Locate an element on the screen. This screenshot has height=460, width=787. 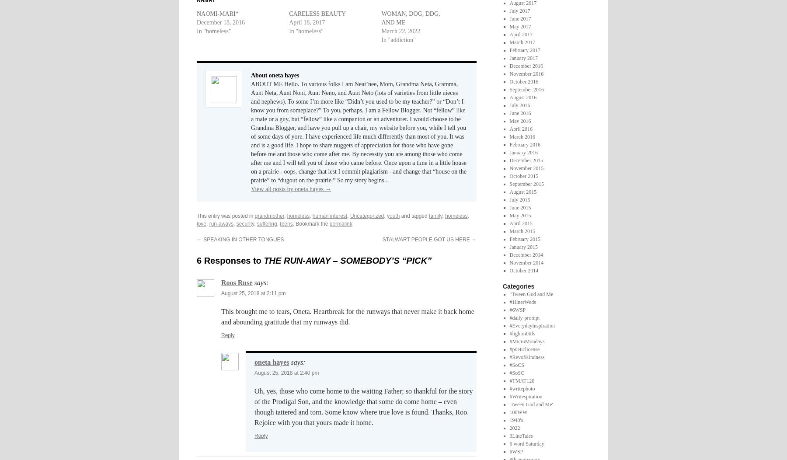
'February 2016' is located at coordinates (524, 144).